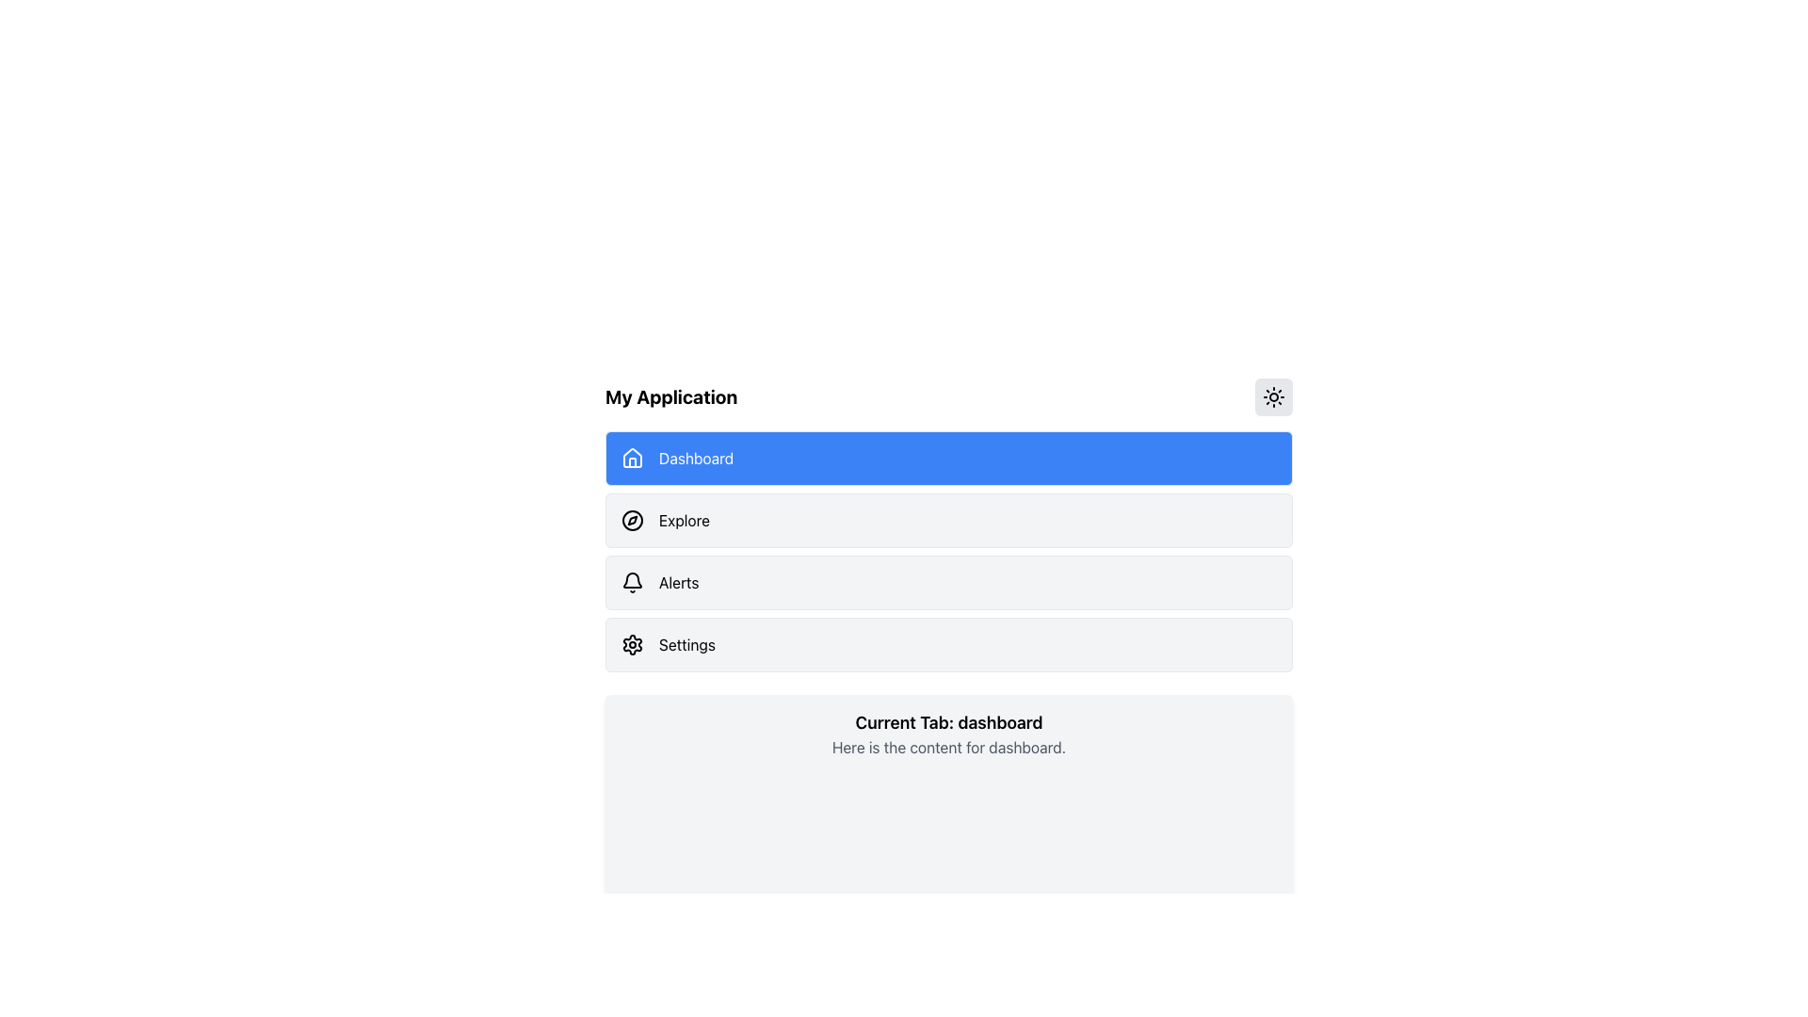  Describe the element at coordinates (1274, 395) in the screenshot. I see `the theme toggle icon located in the top-right corner of the interface to switch between light and dark modes` at that location.